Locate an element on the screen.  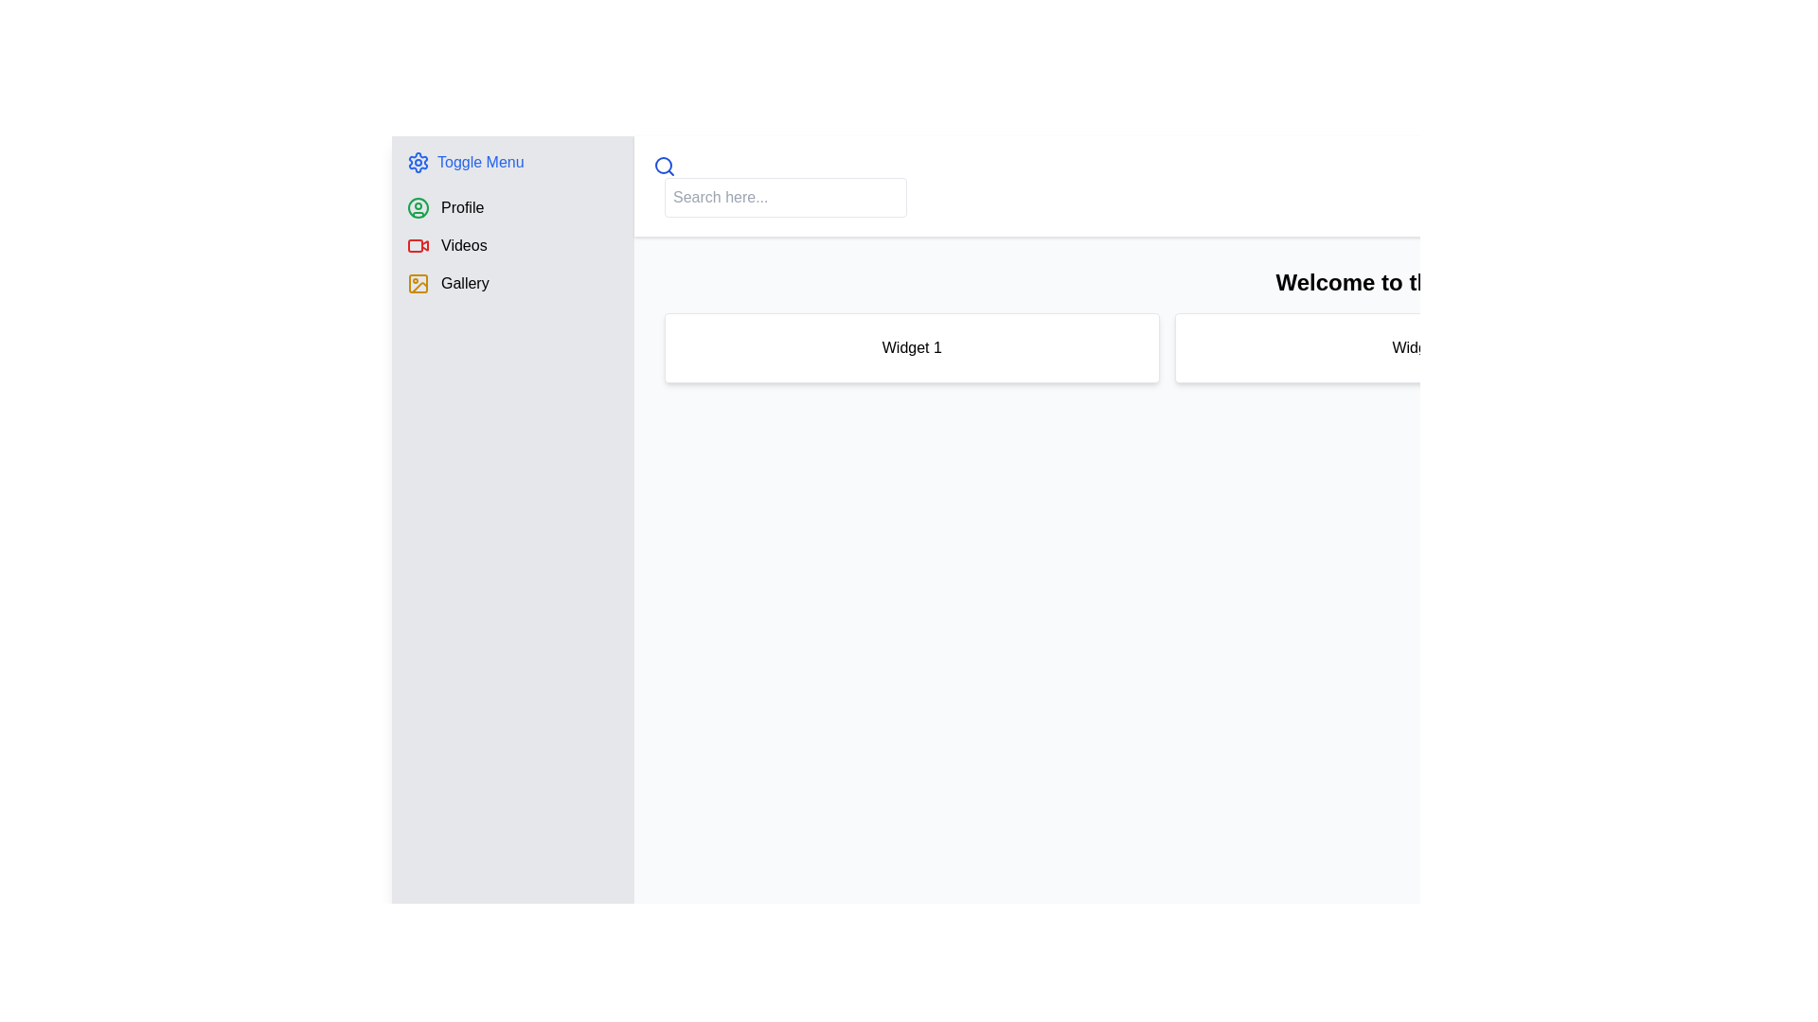
the blue gear-shaped settings icon located in the left sidebar adjacent to the 'Toggle Menu' text is located at coordinates (417, 162).